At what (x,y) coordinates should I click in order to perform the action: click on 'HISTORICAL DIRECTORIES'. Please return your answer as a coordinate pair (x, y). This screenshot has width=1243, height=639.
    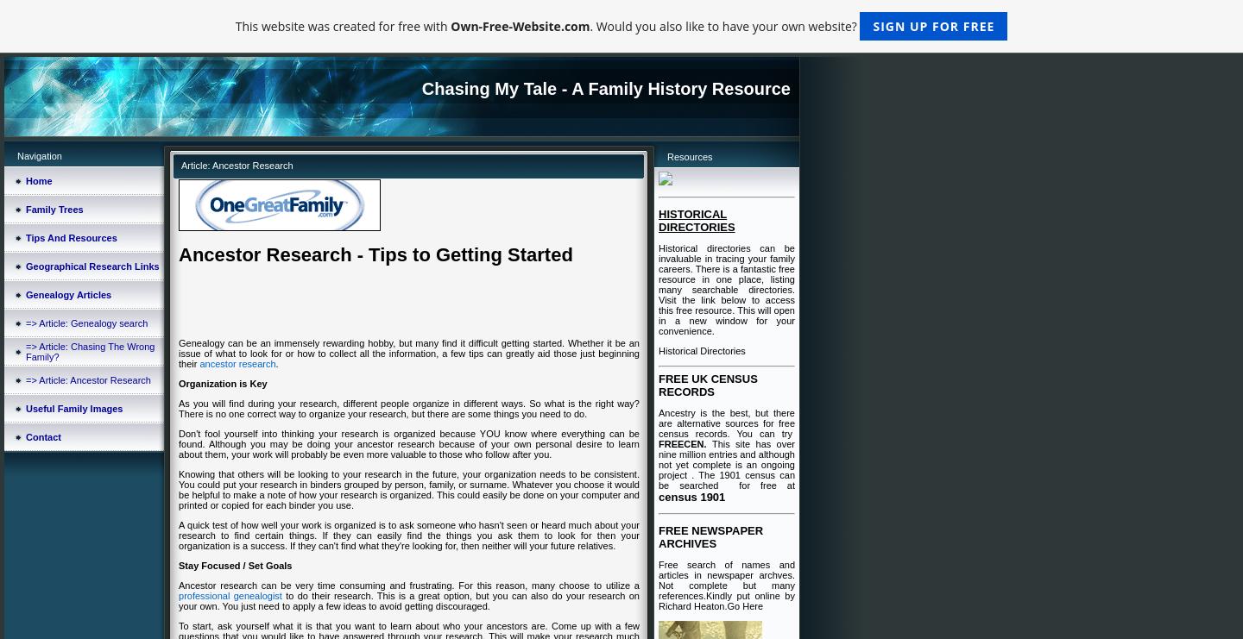
    Looking at the image, I should click on (696, 220).